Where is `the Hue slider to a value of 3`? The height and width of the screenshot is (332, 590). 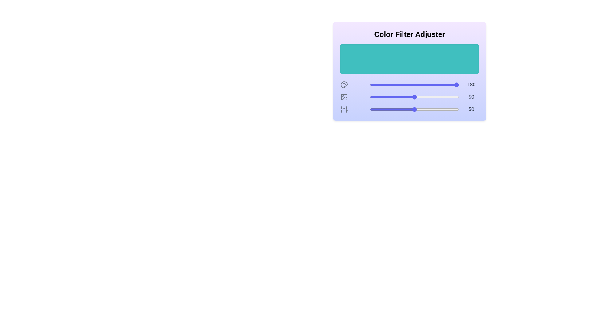 the Hue slider to a value of 3 is located at coordinates (372, 85).